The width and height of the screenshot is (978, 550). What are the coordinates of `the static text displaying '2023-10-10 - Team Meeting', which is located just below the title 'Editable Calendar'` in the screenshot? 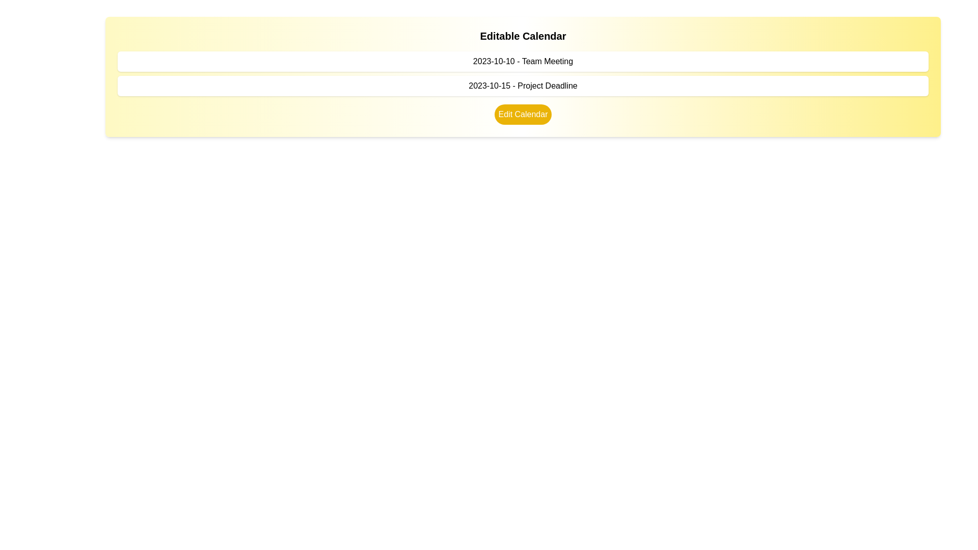 It's located at (523, 61).